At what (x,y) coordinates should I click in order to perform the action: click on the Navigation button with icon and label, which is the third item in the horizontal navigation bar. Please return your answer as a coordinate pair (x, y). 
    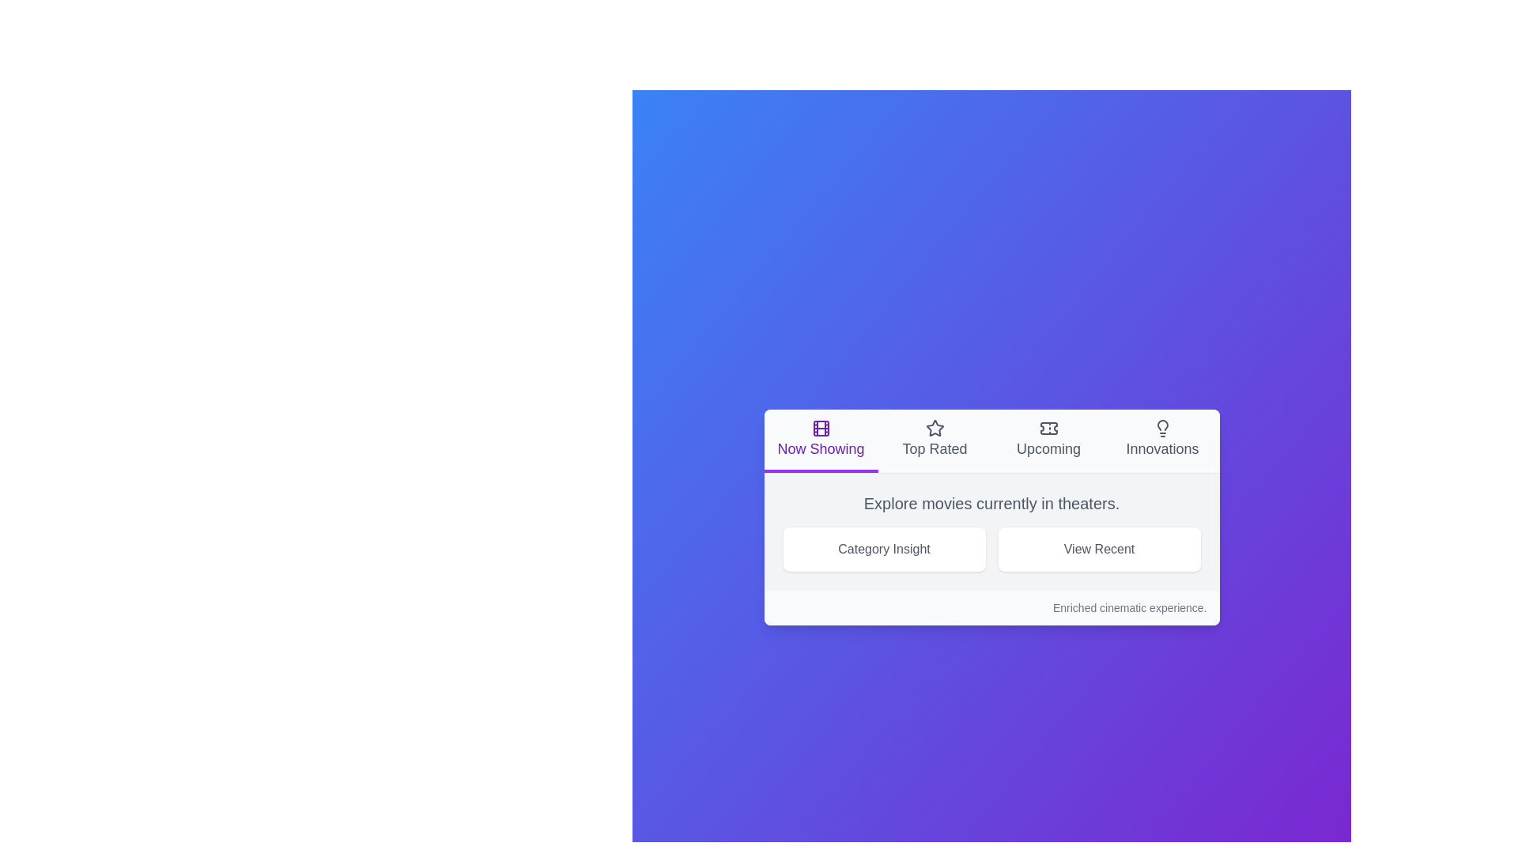
    Looking at the image, I should click on (1048, 439).